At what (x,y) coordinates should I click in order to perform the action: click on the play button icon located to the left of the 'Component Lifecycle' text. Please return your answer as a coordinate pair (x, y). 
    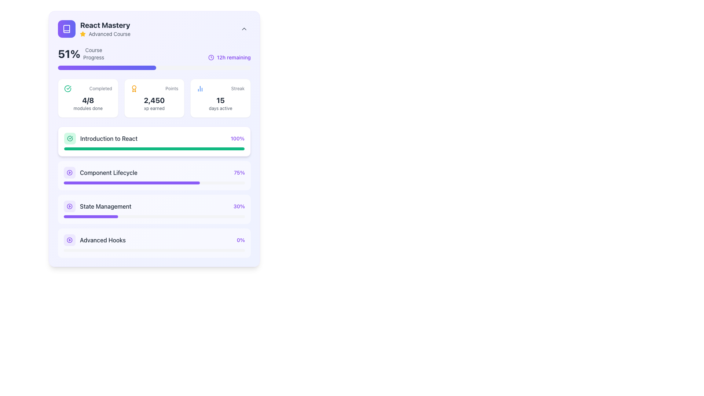
    Looking at the image, I should click on (70, 172).